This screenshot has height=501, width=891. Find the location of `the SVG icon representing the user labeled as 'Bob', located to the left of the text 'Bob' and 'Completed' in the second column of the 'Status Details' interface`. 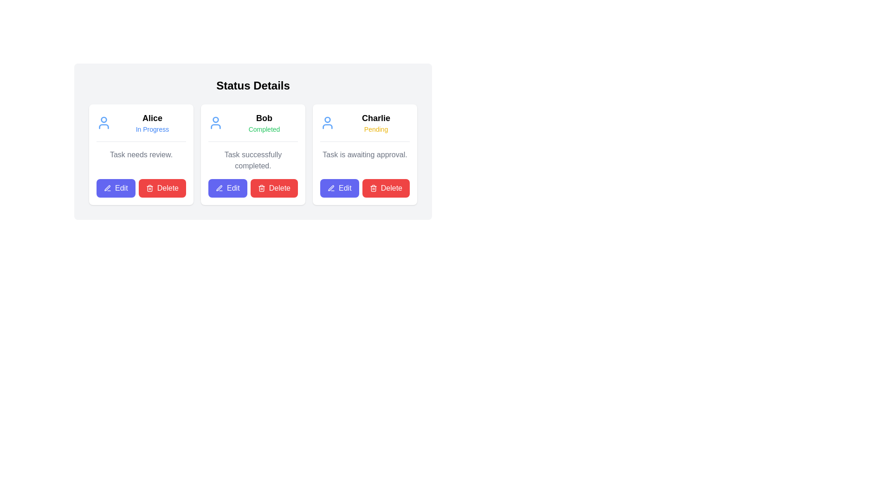

the SVG icon representing the user labeled as 'Bob', located to the left of the text 'Bob' and 'Completed' in the second column of the 'Status Details' interface is located at coordinates (215, 122).